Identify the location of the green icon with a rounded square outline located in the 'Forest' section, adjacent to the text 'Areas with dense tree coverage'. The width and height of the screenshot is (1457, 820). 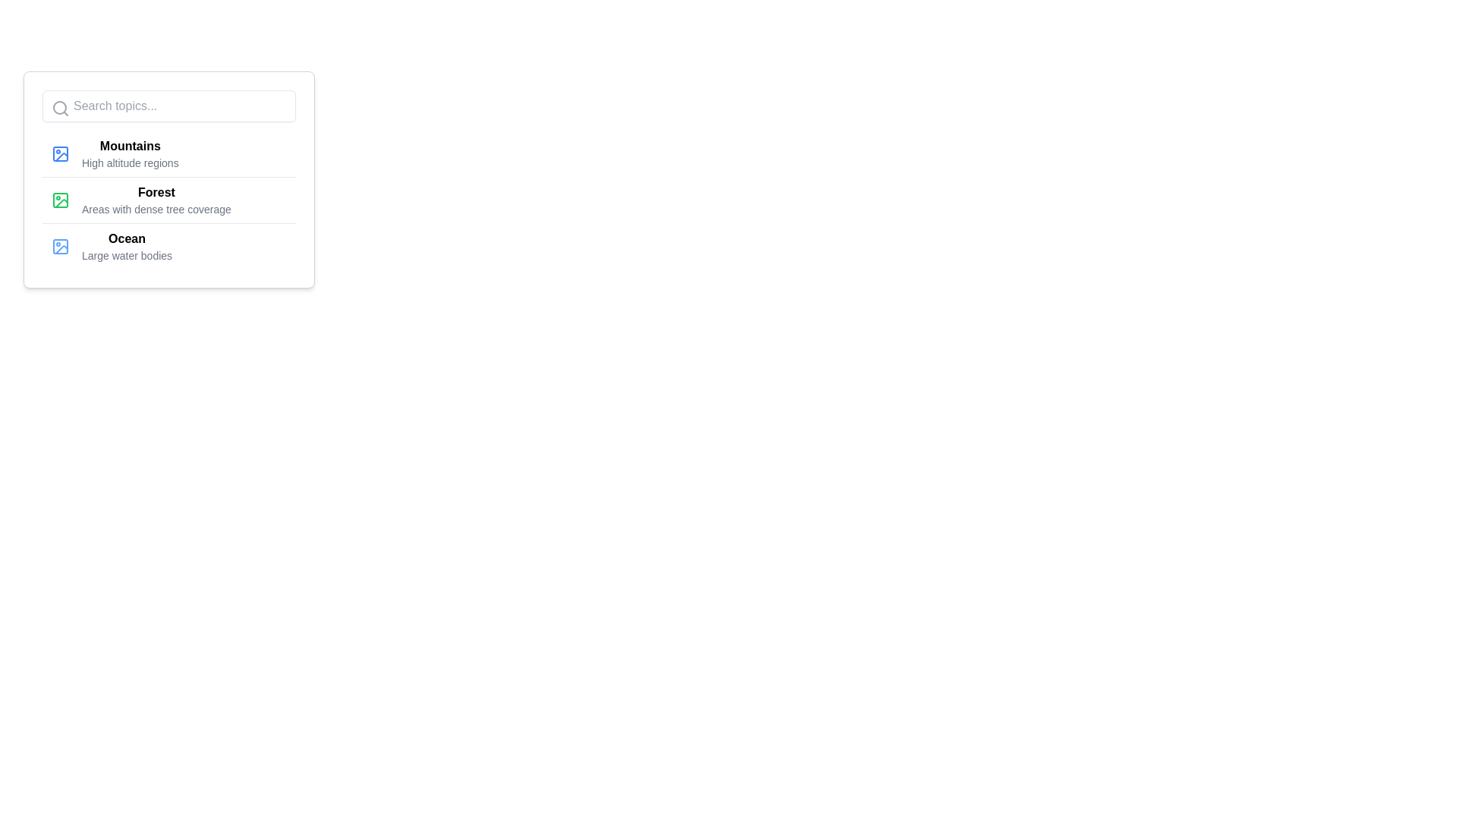
(61, 199).